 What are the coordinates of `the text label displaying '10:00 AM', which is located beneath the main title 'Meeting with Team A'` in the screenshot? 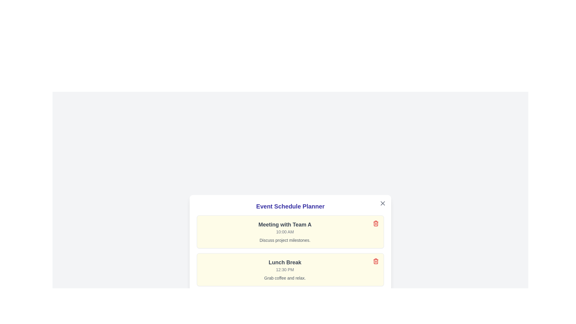 It's located at (285, 231).